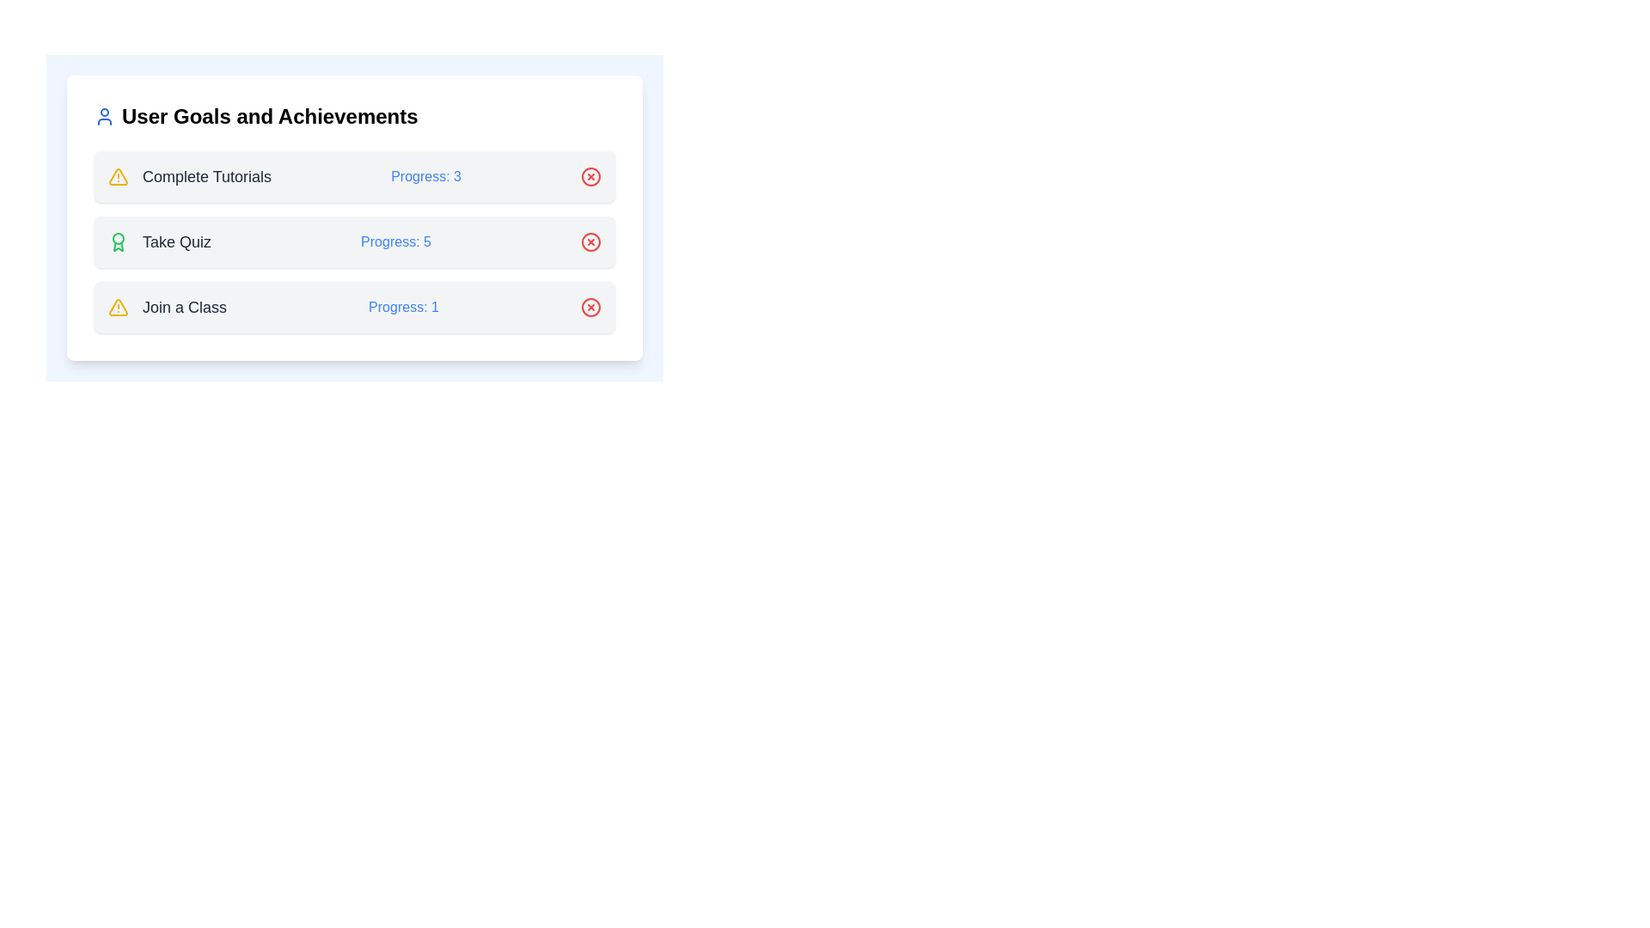 The width and height of the screenshot is (1650, 928). What do you see at coordinates (353, 116) in the screenshot?
I see `the header titled 'User Goals and Achievements', which is visually identified by its bold, large text and a blue user icon on the left` at bounding box center [353, 116].